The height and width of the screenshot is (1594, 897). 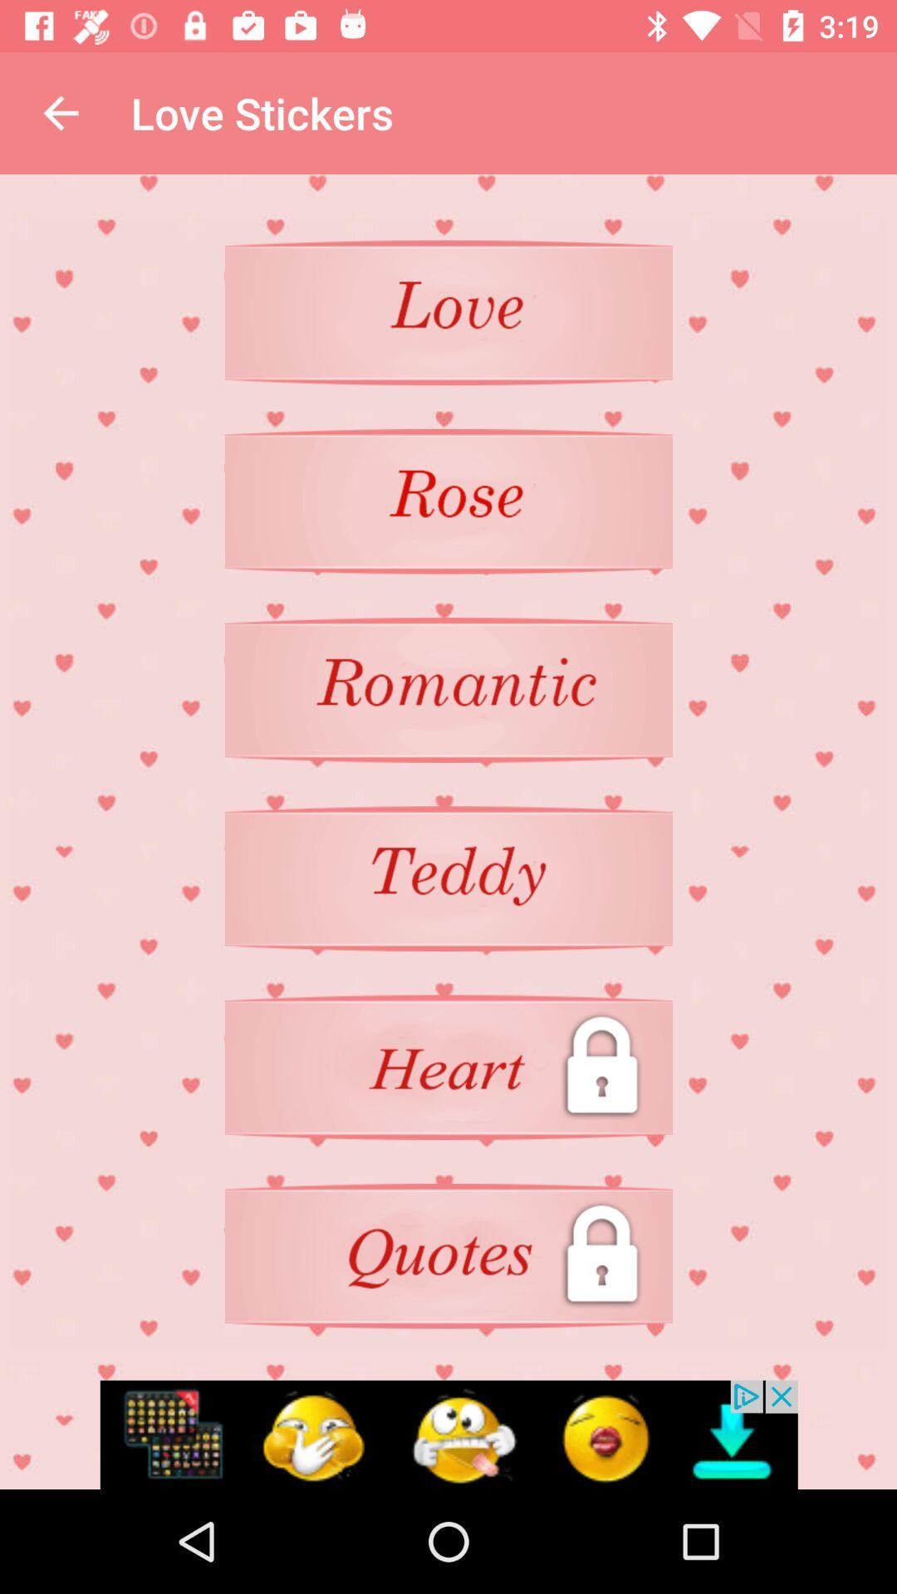 What do you see at coordinates (448, 1256) in the screenshot?
I see `see quotes` at bounding box center [448, 1256].